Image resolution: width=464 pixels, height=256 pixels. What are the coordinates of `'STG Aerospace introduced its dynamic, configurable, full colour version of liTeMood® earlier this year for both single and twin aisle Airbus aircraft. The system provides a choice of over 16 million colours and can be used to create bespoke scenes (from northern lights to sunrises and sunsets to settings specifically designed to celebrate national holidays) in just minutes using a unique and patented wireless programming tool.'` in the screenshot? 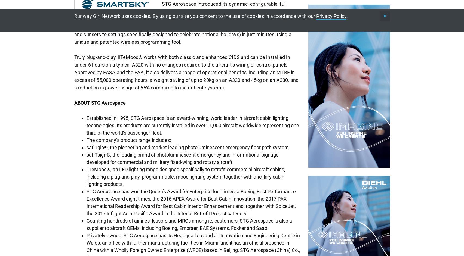 It's located at (186, 23).